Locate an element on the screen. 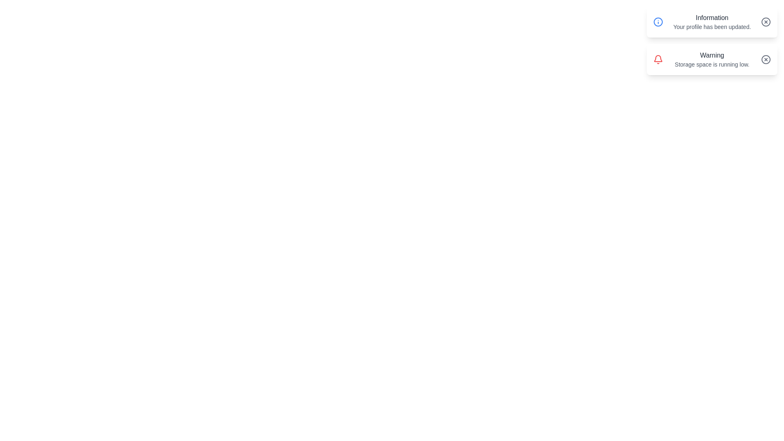 This screenshot has height=441, width=784. the close button located at the top-right corner of the warning notification box is located at coordinates (766, 59).